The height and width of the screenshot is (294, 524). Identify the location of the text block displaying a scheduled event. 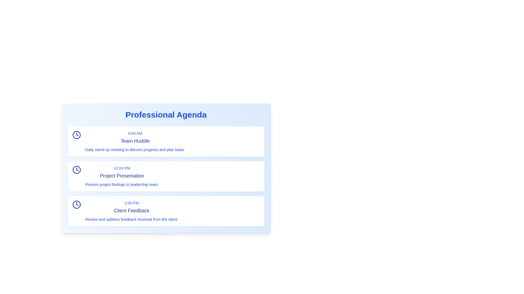
(135, 141).